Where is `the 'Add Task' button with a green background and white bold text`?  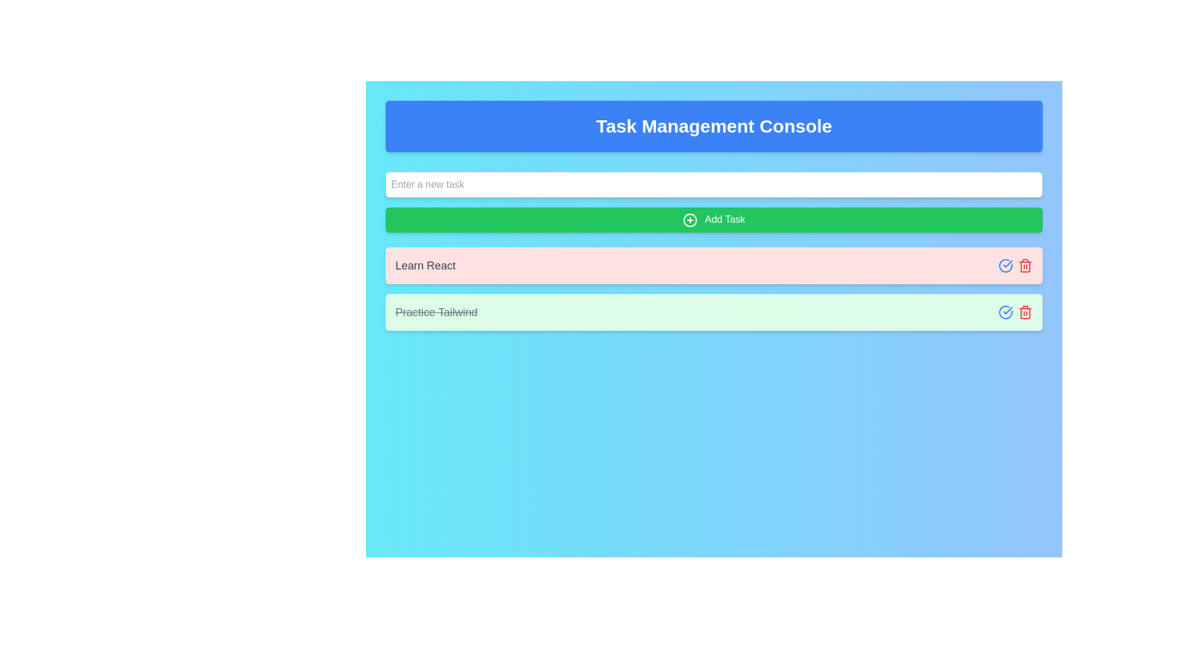 the 'Add Task' button with a green background and white bold text is located at coordinates (714, 219).